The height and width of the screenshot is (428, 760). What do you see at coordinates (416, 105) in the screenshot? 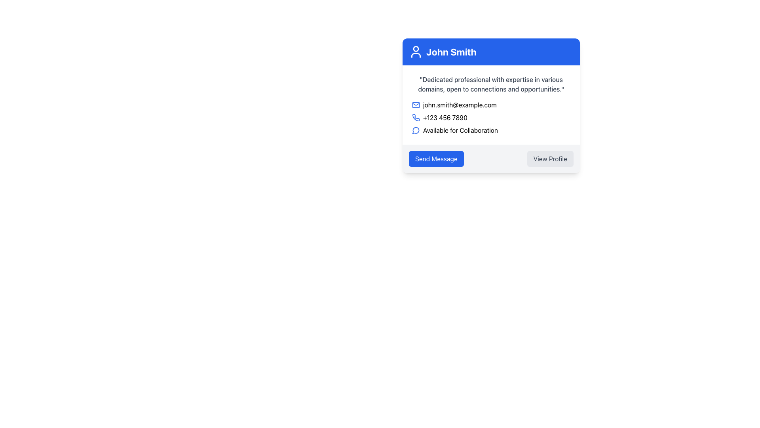
I see `the blue envelope icon located to the left of the email address 'john.smith@example.com' to indicate email functionality` at bounding box center [416, 105].